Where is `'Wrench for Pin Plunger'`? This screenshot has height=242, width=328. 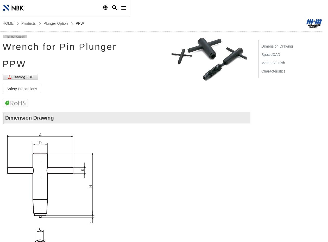 'Wrench for Pin Plunger' is located at coordinates (59, 46).